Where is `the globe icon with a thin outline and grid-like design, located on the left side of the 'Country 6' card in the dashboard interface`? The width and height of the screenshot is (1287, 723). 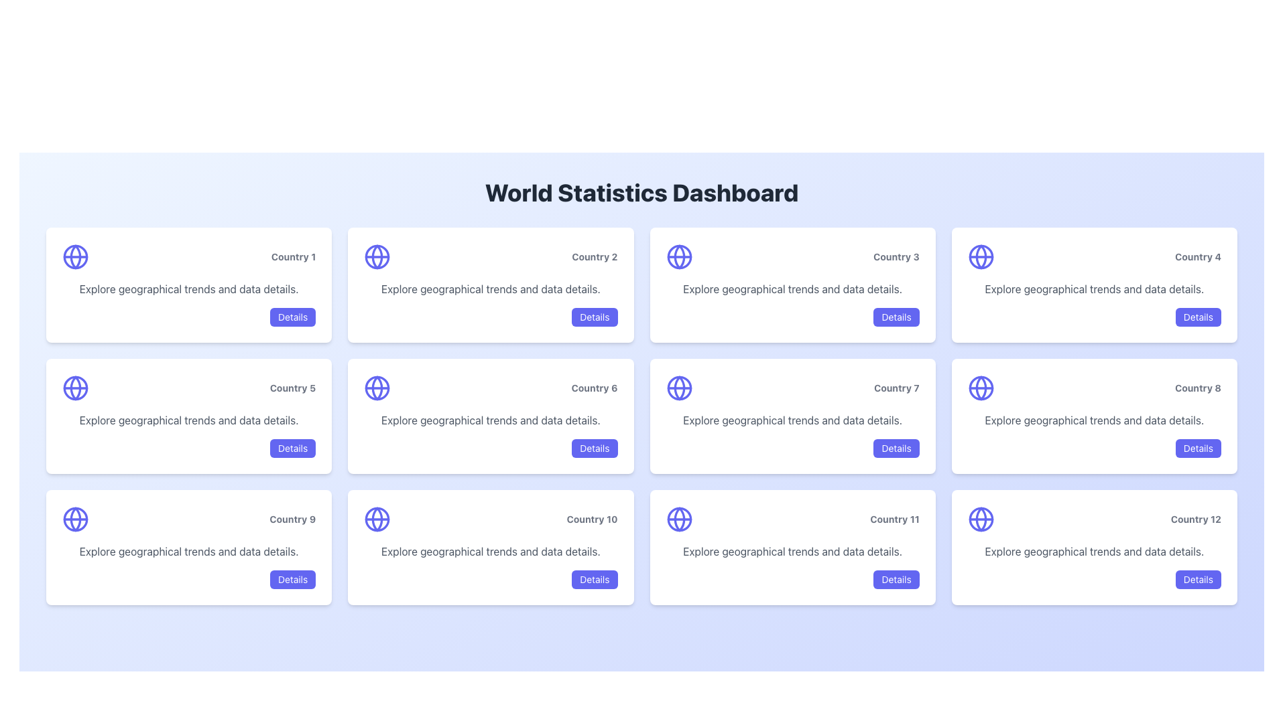 the globe icon with a thin outline and grid-like design, located on the left side of the 'Country 6' card in the dashboard interface is located at coordinates (377, 388).